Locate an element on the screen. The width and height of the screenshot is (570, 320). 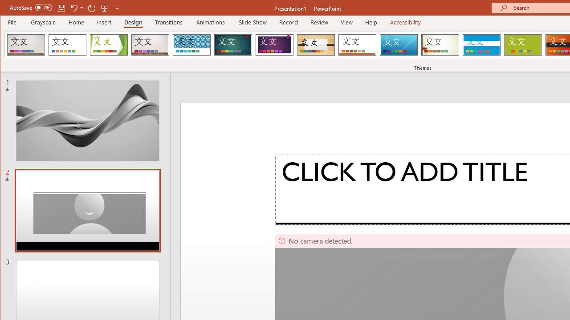
'Integral' is located at coordinates (191, 44).